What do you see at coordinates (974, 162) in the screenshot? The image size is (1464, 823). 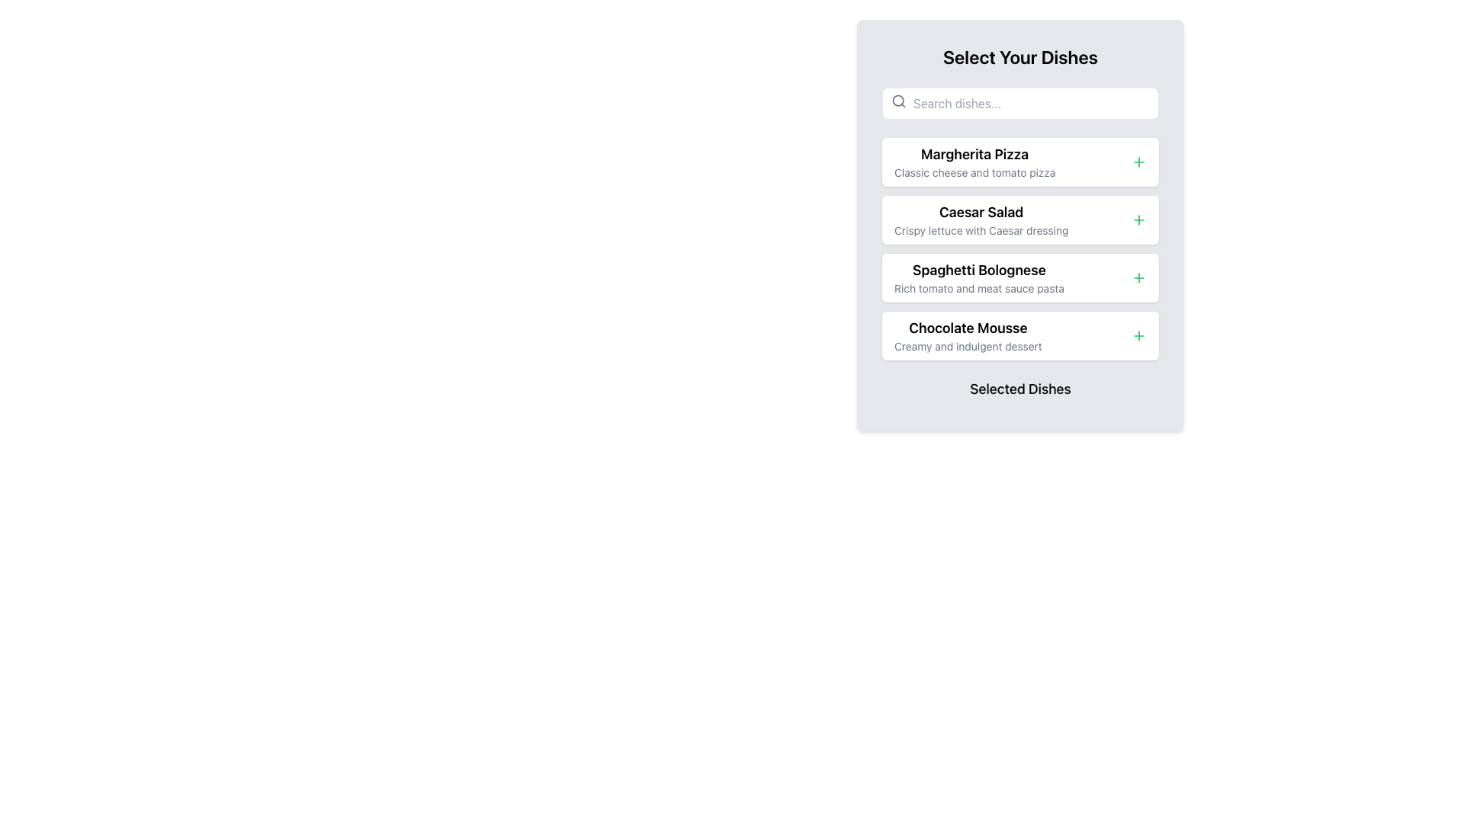 I see `the 'Margherita Pizza' text element, which is the first item in the 'Select Your Dishes' menu` at bounding box center [974, 162].